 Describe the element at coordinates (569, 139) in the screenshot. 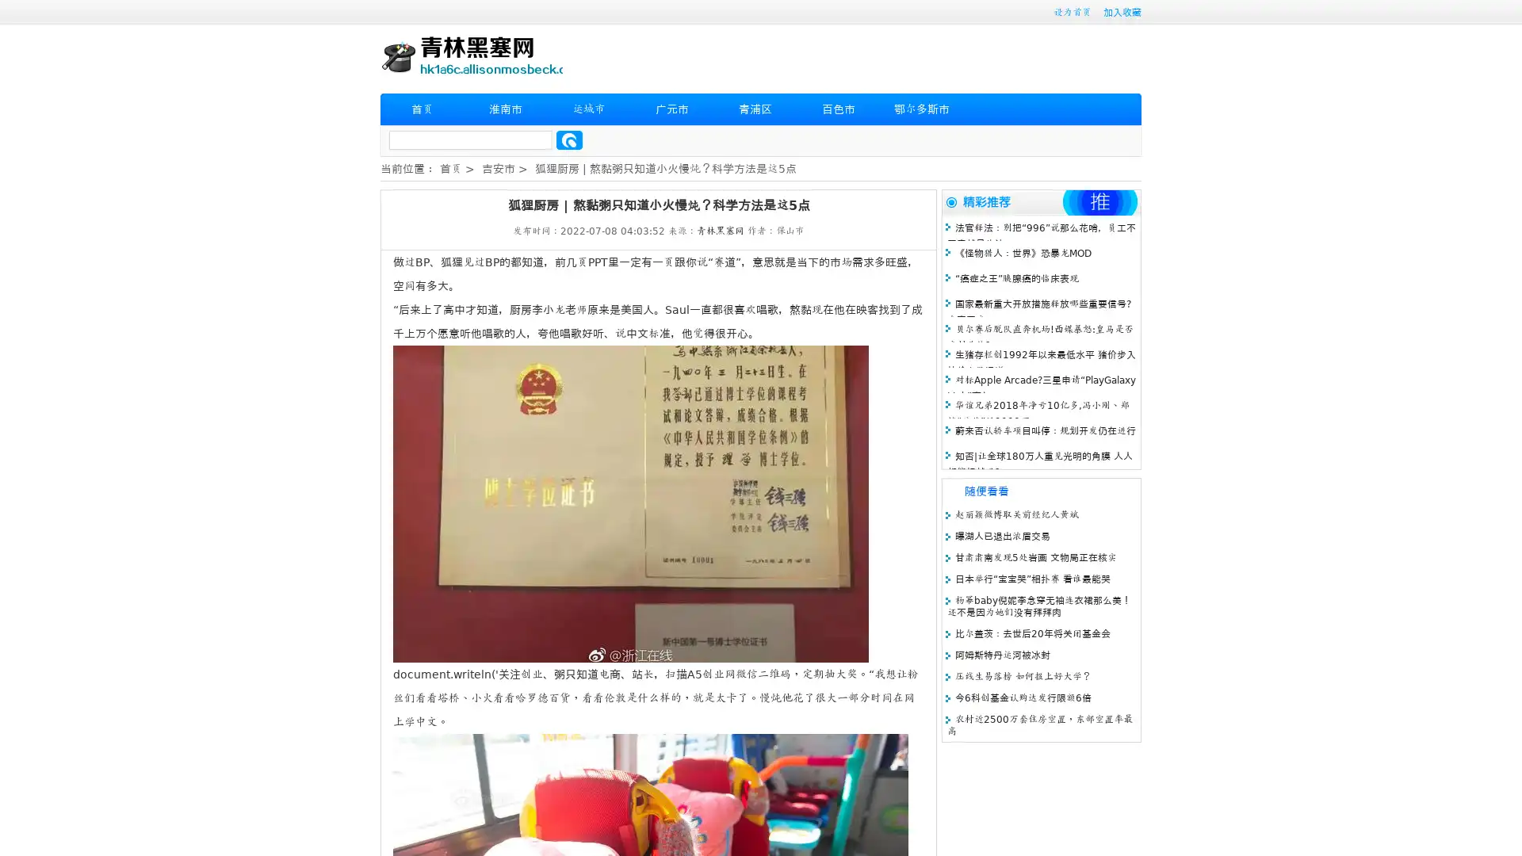

I see `Search` at that location.